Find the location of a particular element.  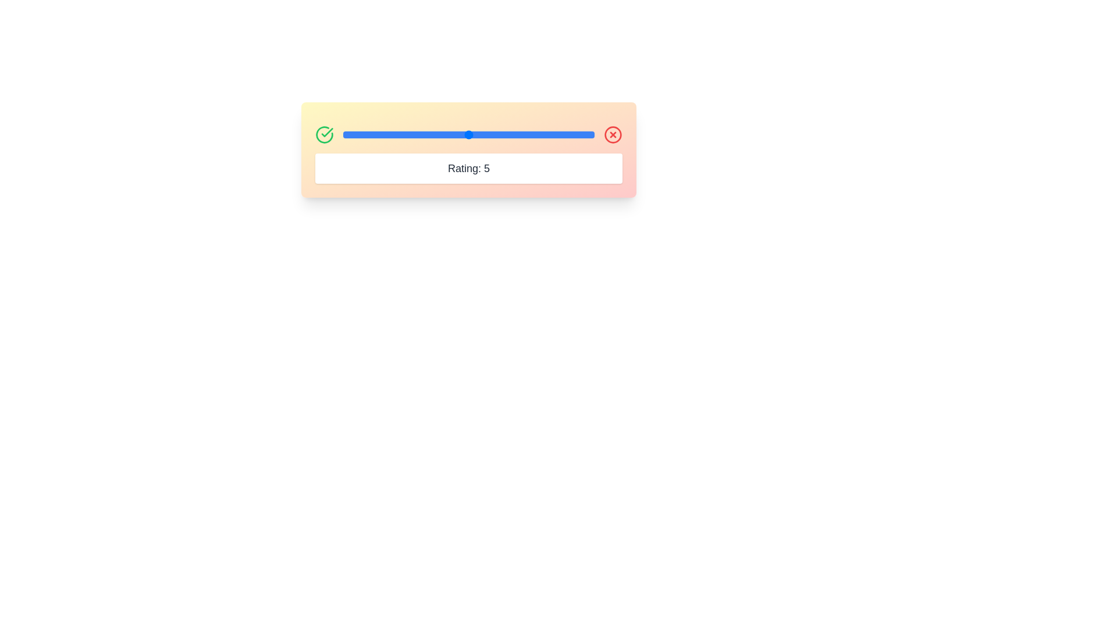

the slider value is located at coordinates (443, 134).